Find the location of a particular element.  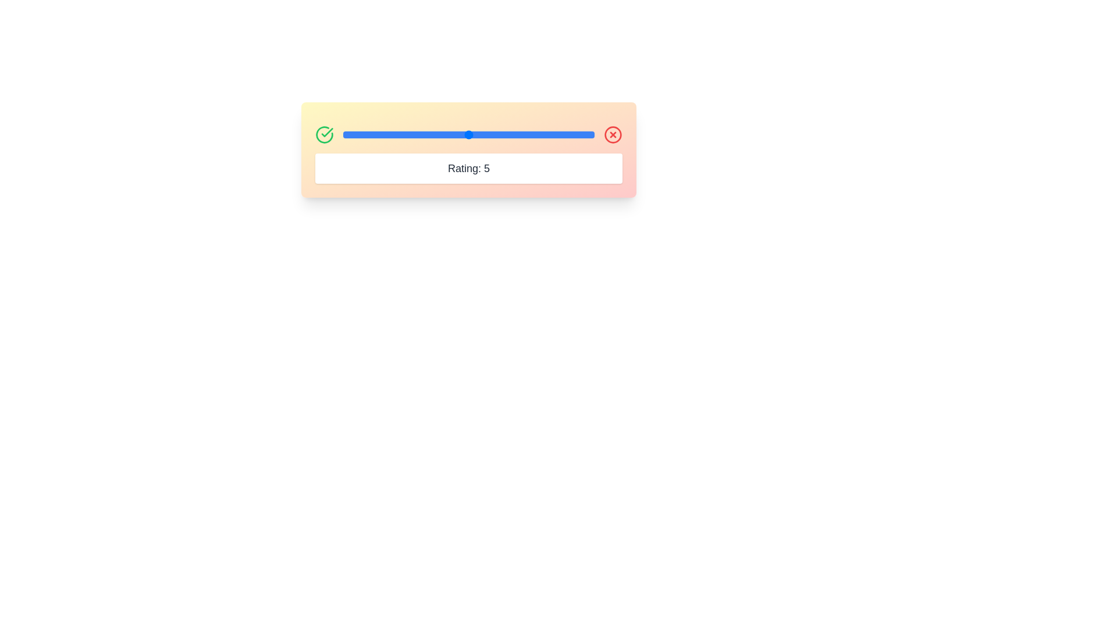

the slider value is located at coordinates (443, 134).